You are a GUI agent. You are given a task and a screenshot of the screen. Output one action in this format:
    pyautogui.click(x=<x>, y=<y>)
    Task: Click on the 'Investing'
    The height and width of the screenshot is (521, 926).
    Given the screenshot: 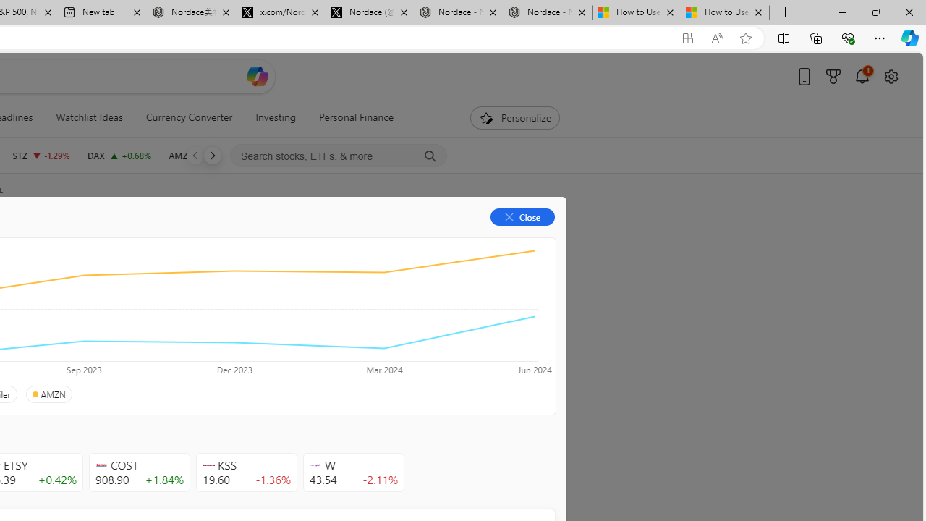 What is the action you would take?
    pyautogui.click(x=276, y=117)
    